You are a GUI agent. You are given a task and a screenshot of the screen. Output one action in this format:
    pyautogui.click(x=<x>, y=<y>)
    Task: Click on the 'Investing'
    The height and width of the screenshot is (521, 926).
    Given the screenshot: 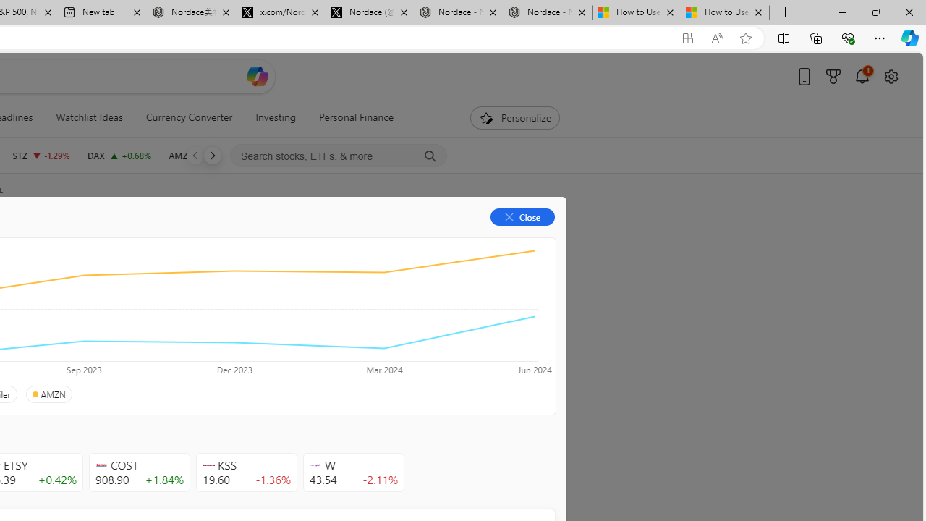 What is the action you would take?
    pyautogui.click(x=276, y=117)
    